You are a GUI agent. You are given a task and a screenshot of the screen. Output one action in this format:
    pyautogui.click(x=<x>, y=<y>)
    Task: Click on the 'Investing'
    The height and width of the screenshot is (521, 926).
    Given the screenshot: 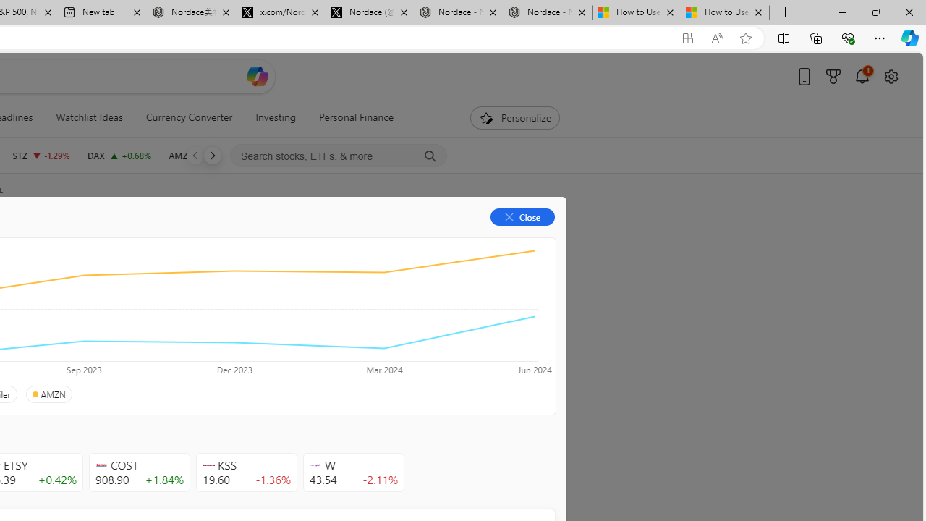 What is the action you would take?
    pyautogui.click(x=276, y=117)
    